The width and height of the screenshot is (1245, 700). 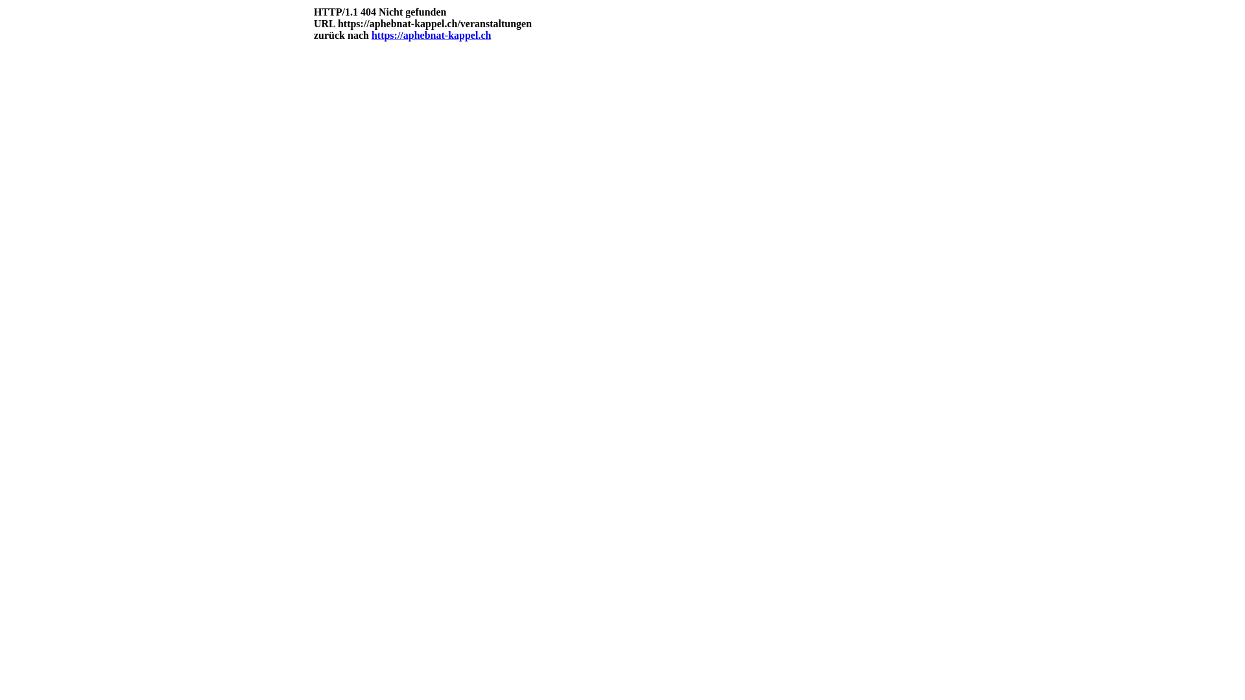 I want to click on 'https://aphebnat-kappel.ch', so click(x=370, y=34).